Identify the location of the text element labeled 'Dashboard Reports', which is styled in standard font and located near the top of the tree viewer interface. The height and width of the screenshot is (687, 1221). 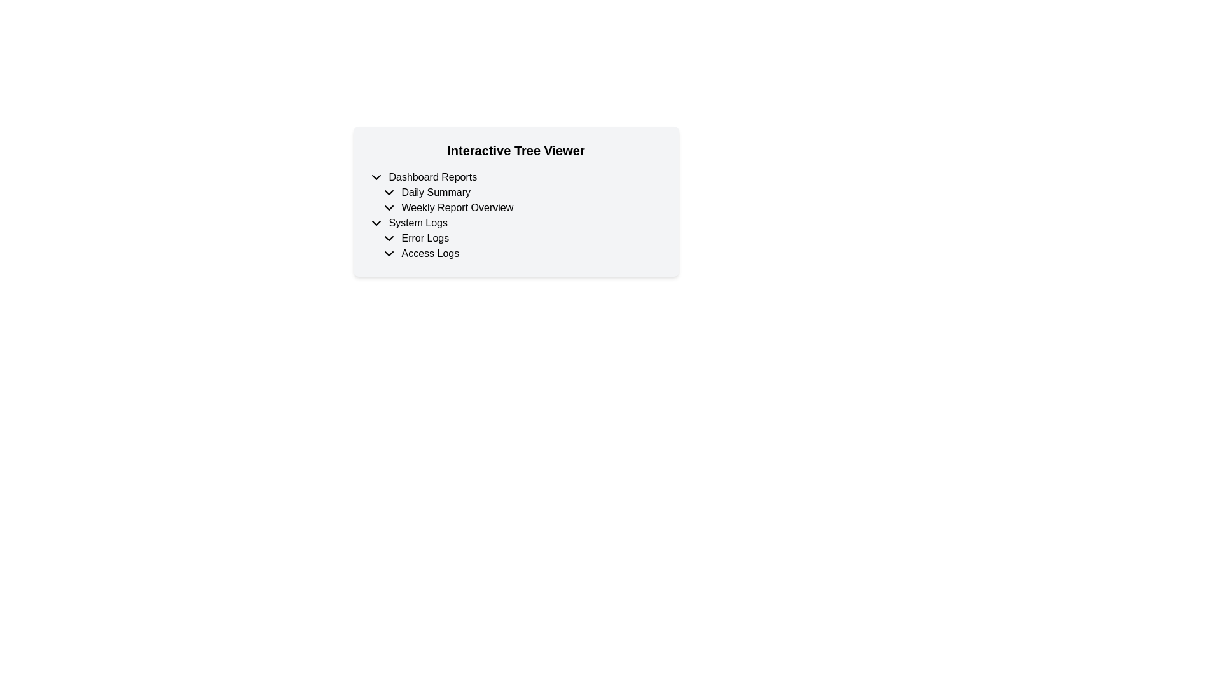
(432, 177).